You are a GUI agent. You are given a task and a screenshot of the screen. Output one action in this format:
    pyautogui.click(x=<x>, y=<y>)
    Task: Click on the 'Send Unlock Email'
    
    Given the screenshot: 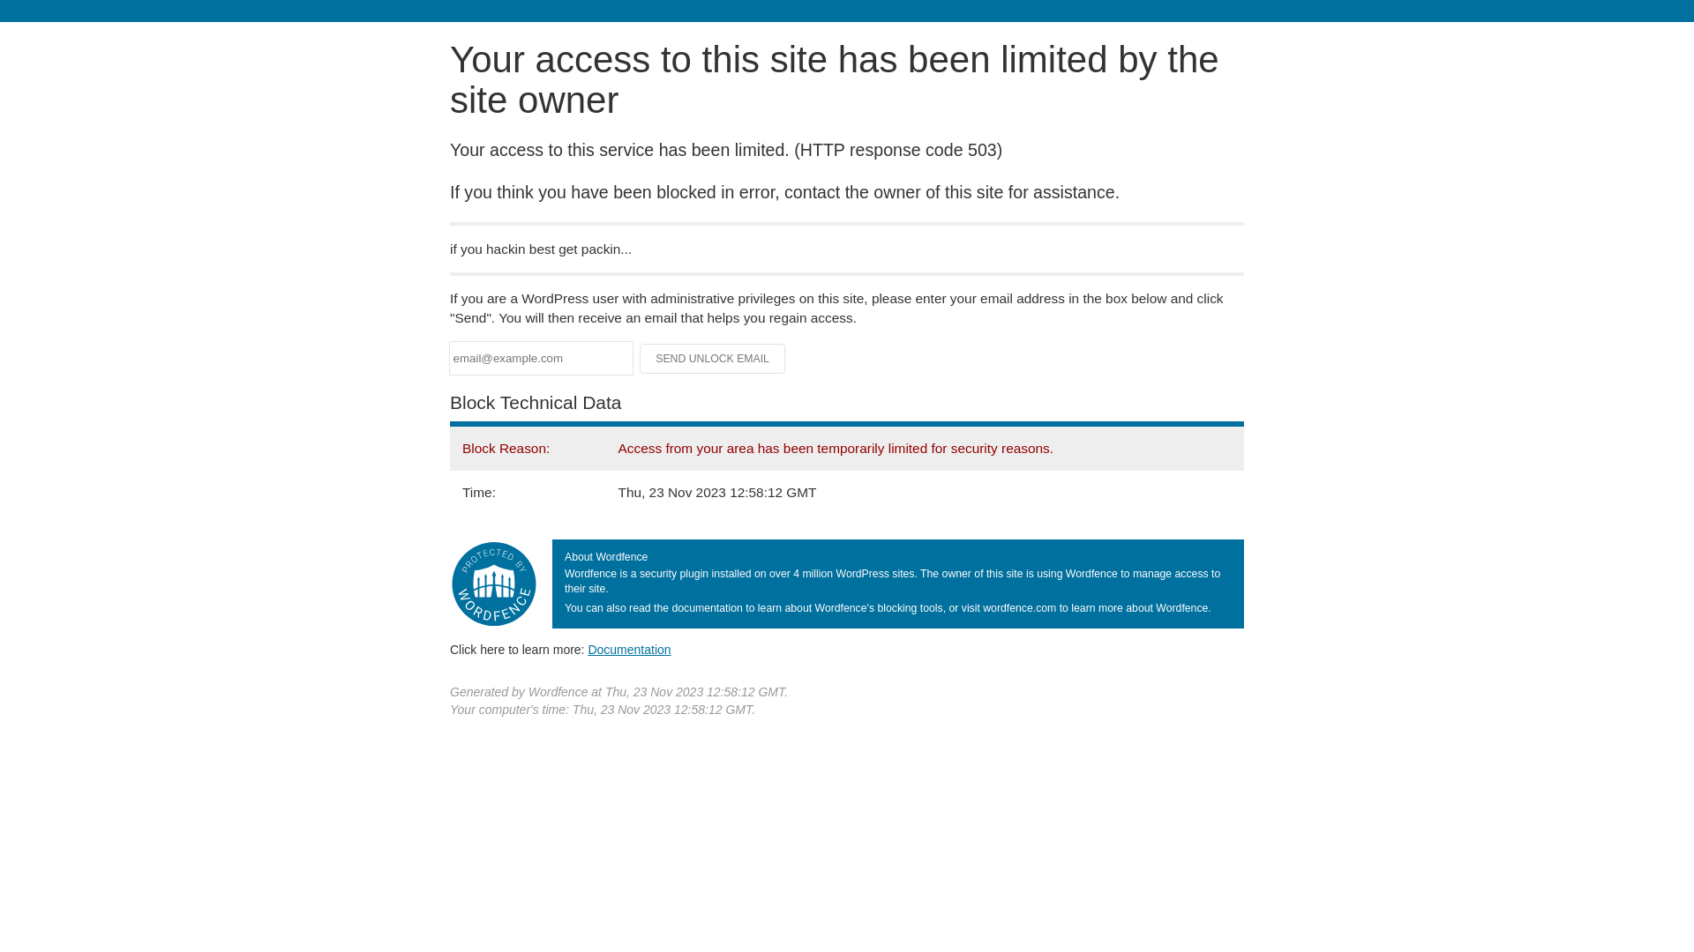 What is the action you would take?
    pyautogui.click(x=638, y=358)
    